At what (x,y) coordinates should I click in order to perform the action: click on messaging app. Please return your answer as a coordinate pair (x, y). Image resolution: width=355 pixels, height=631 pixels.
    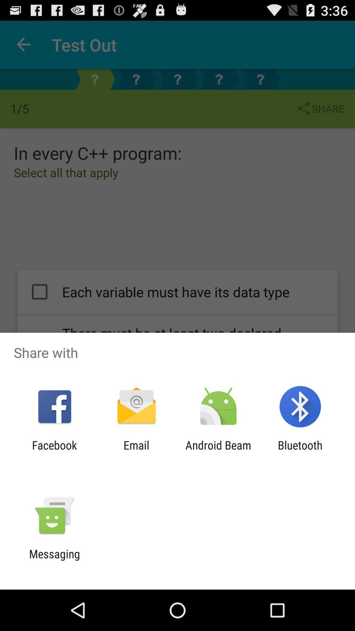
    Looking at the image, I should click on (54, 560).